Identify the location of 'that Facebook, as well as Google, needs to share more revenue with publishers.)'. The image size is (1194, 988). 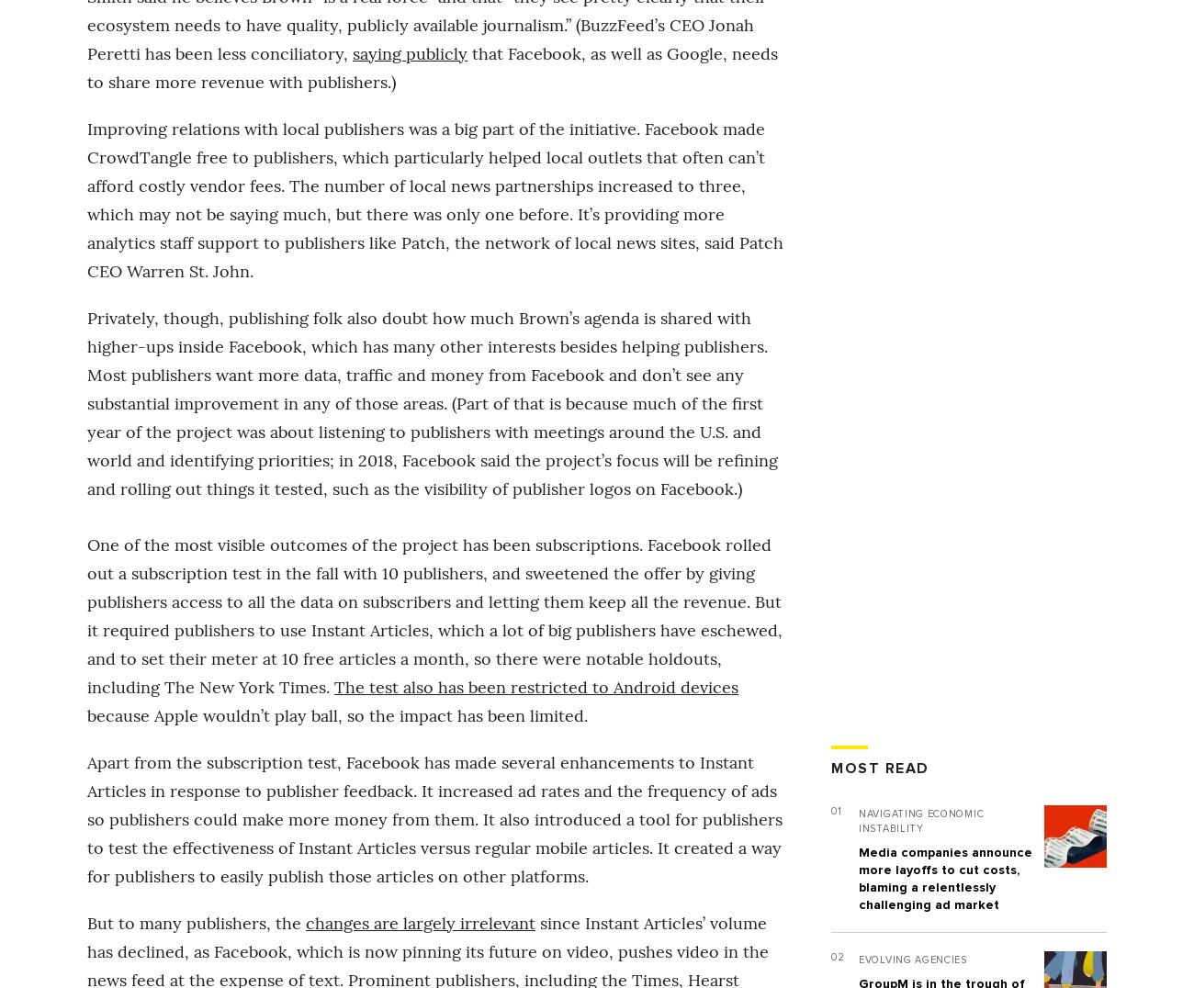
(431, 66).